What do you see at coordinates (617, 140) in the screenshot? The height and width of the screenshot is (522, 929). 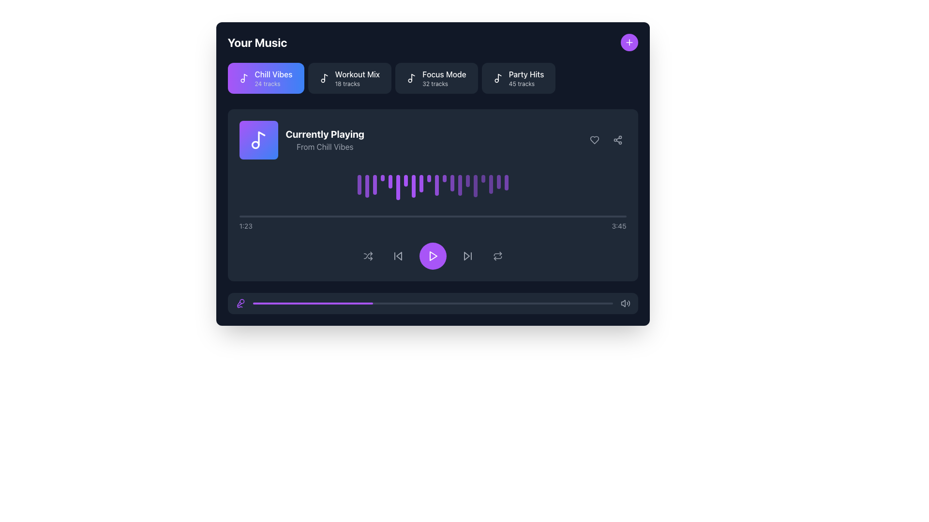 I see `the second button from the right in the horizontal button group located in the upper-right portion of the playing card section` at bounding box center [617, 140].